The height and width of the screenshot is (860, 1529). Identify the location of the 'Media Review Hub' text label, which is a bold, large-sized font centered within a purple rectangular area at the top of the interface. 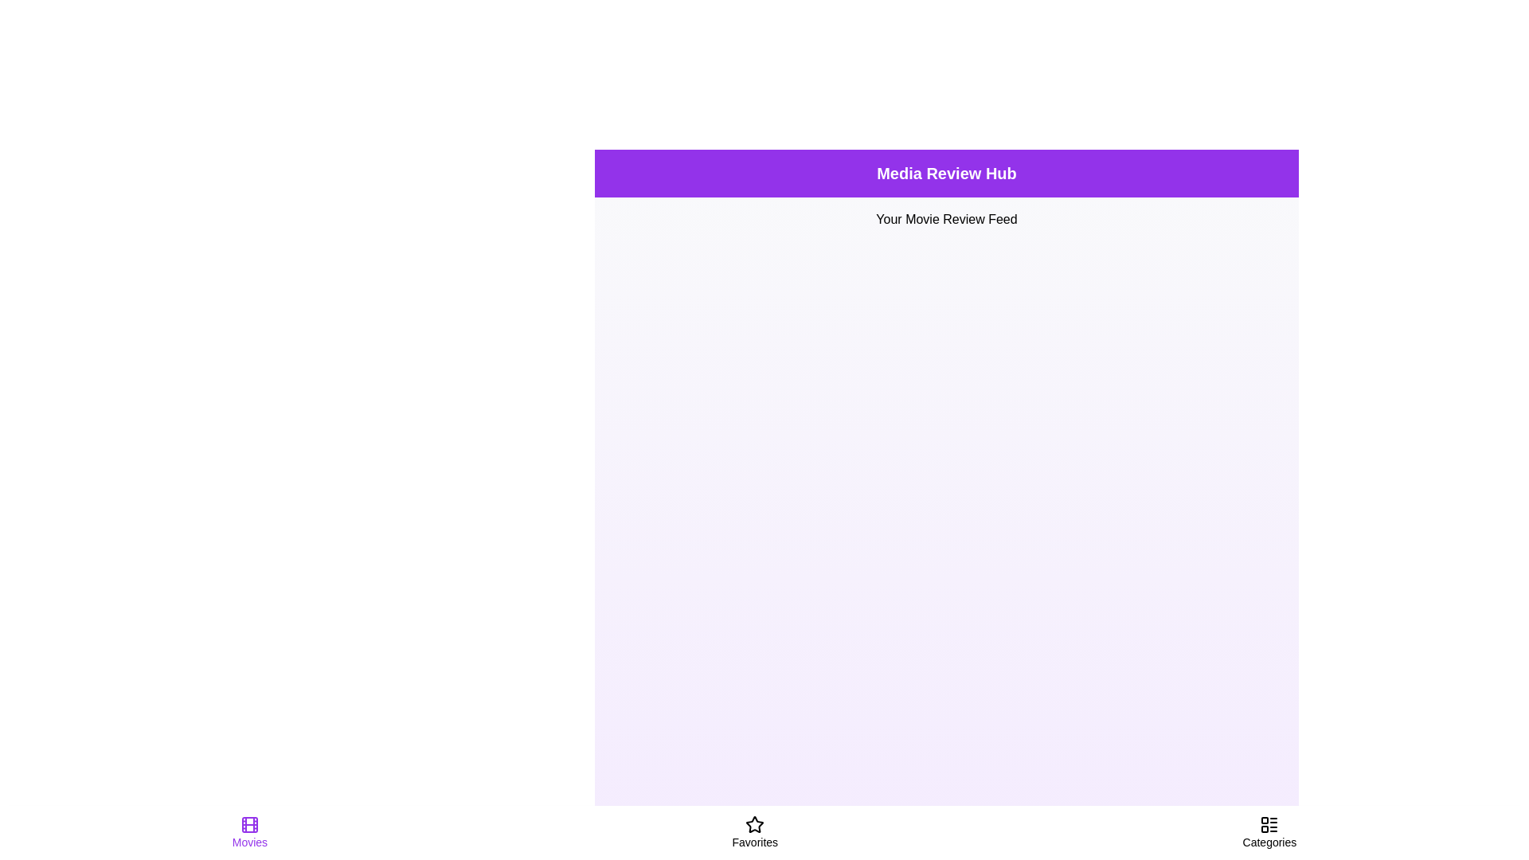
(947, 174).